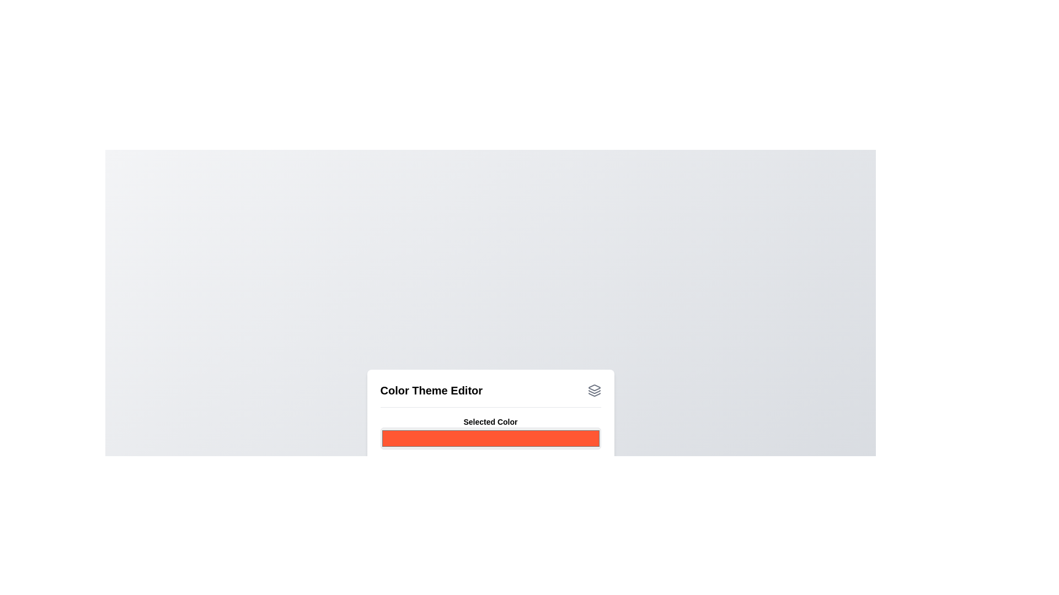 The width and height of the screenshot is (1059, 595). Describe the element at coordinates (593, 394) in the screenshot. I see `the third and bottom-most Icon element in the header of the 'Color Theme Editor' card, which signifies a grouping or theme selection option` at that location.